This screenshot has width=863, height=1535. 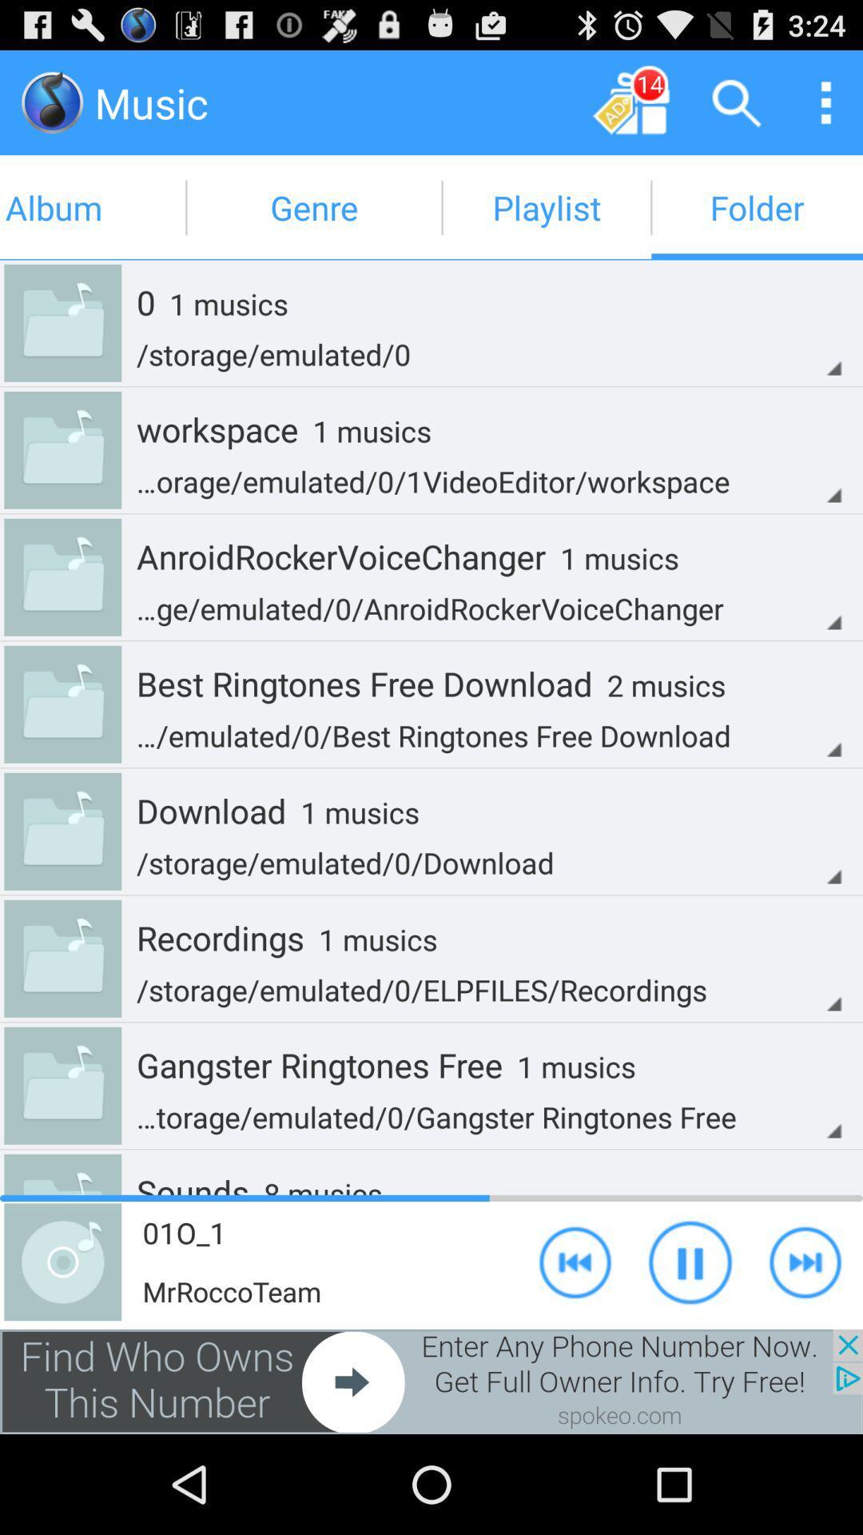 What do you see at coordinates (690, 1261) in the screenshot?
I see `pause audio` at bounding box center [690, 1261].